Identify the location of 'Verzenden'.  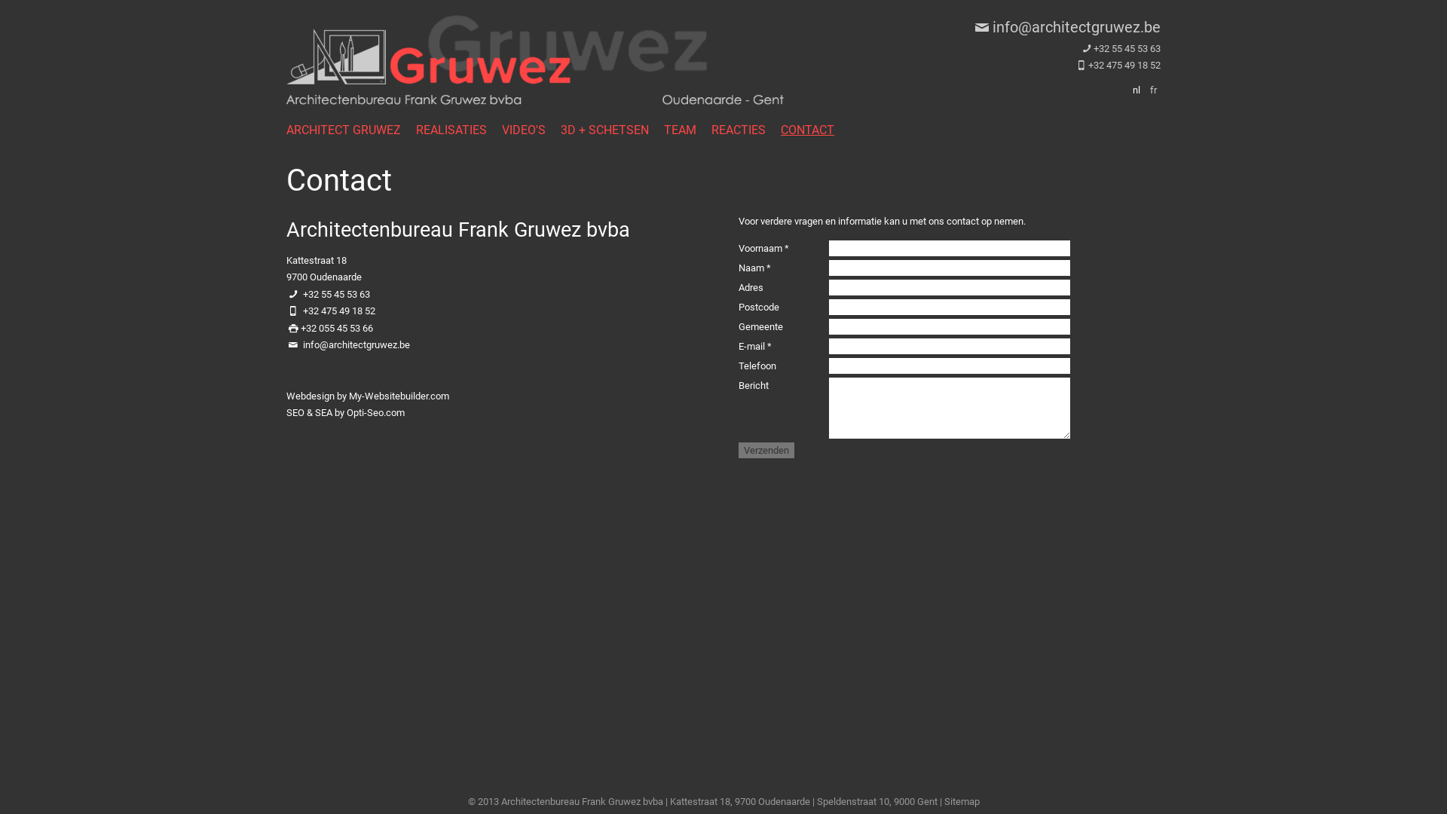
(766, 449).